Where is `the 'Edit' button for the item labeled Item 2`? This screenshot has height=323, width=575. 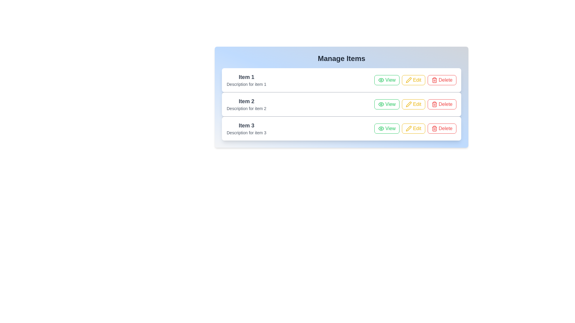
the 'Edit' button for the item labeled Item 2 is located at coordinates (413, 104).